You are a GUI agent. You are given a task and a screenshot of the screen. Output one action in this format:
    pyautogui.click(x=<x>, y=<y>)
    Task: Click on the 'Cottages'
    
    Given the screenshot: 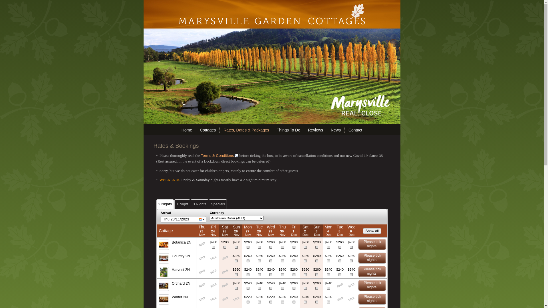 What is the action you would take?
    pyautogui.click(x=207, y=130)
    